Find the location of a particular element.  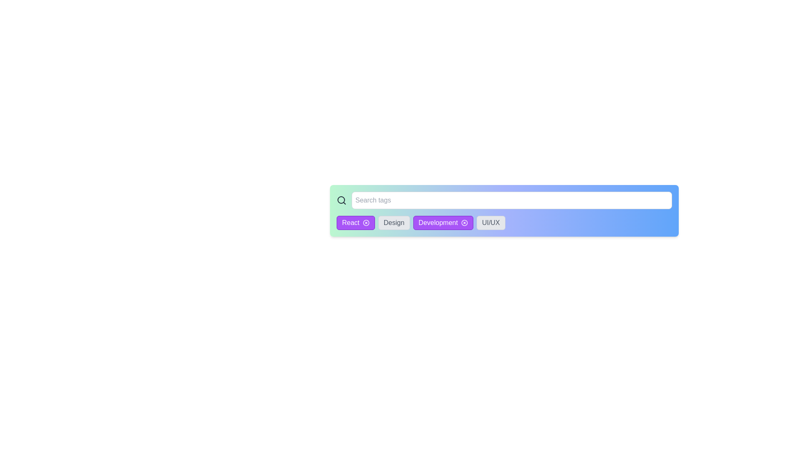

the tag with label React to observe its hover effect is located at coordinates (355, 222).